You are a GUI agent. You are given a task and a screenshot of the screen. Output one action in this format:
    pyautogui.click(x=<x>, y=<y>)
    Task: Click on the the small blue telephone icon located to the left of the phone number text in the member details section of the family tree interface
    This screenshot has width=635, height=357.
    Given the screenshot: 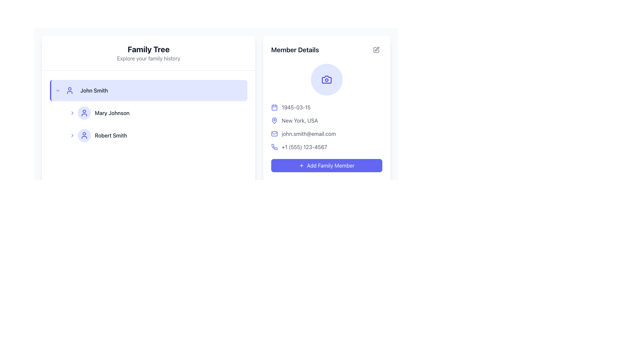 What is the action you would take?
    pyautogui.click(x=275, y=146)
    